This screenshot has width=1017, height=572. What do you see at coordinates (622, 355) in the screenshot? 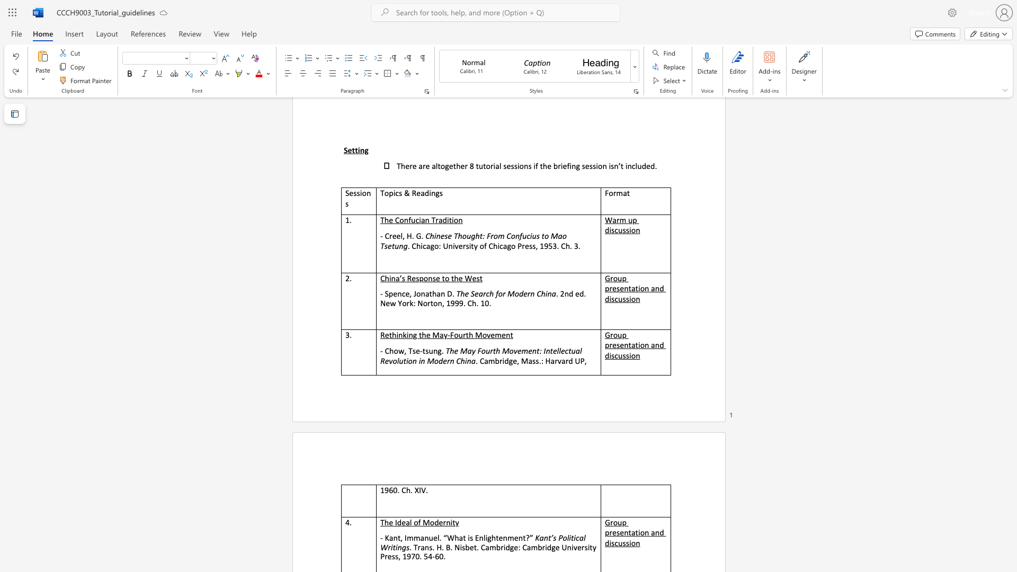
I see `the subset text "ss" within the text "presentation and discussion"` at bounding box center [622, 355].